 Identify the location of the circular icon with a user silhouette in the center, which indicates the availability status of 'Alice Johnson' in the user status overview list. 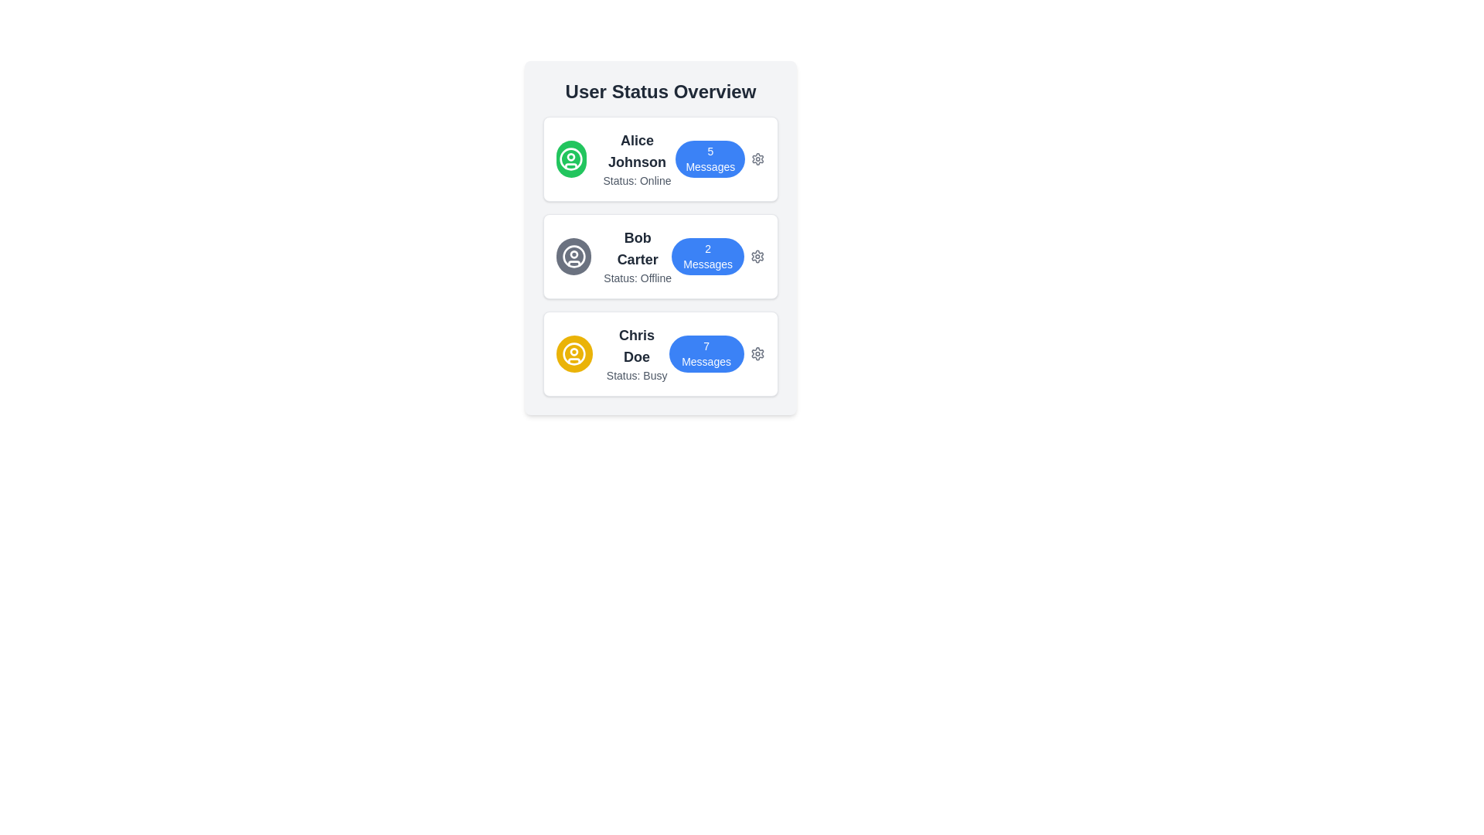
(570, 158).